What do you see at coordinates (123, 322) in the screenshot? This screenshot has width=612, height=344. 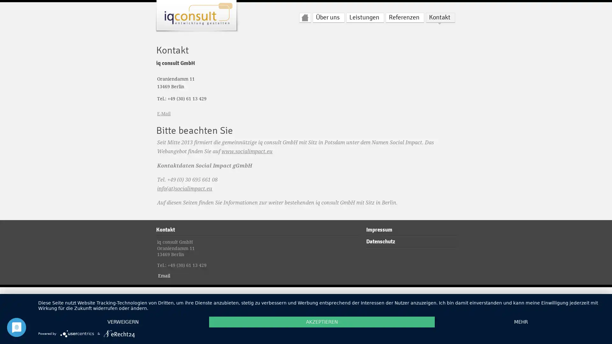 I see `Verweigern` at bounding box center [123, 322].